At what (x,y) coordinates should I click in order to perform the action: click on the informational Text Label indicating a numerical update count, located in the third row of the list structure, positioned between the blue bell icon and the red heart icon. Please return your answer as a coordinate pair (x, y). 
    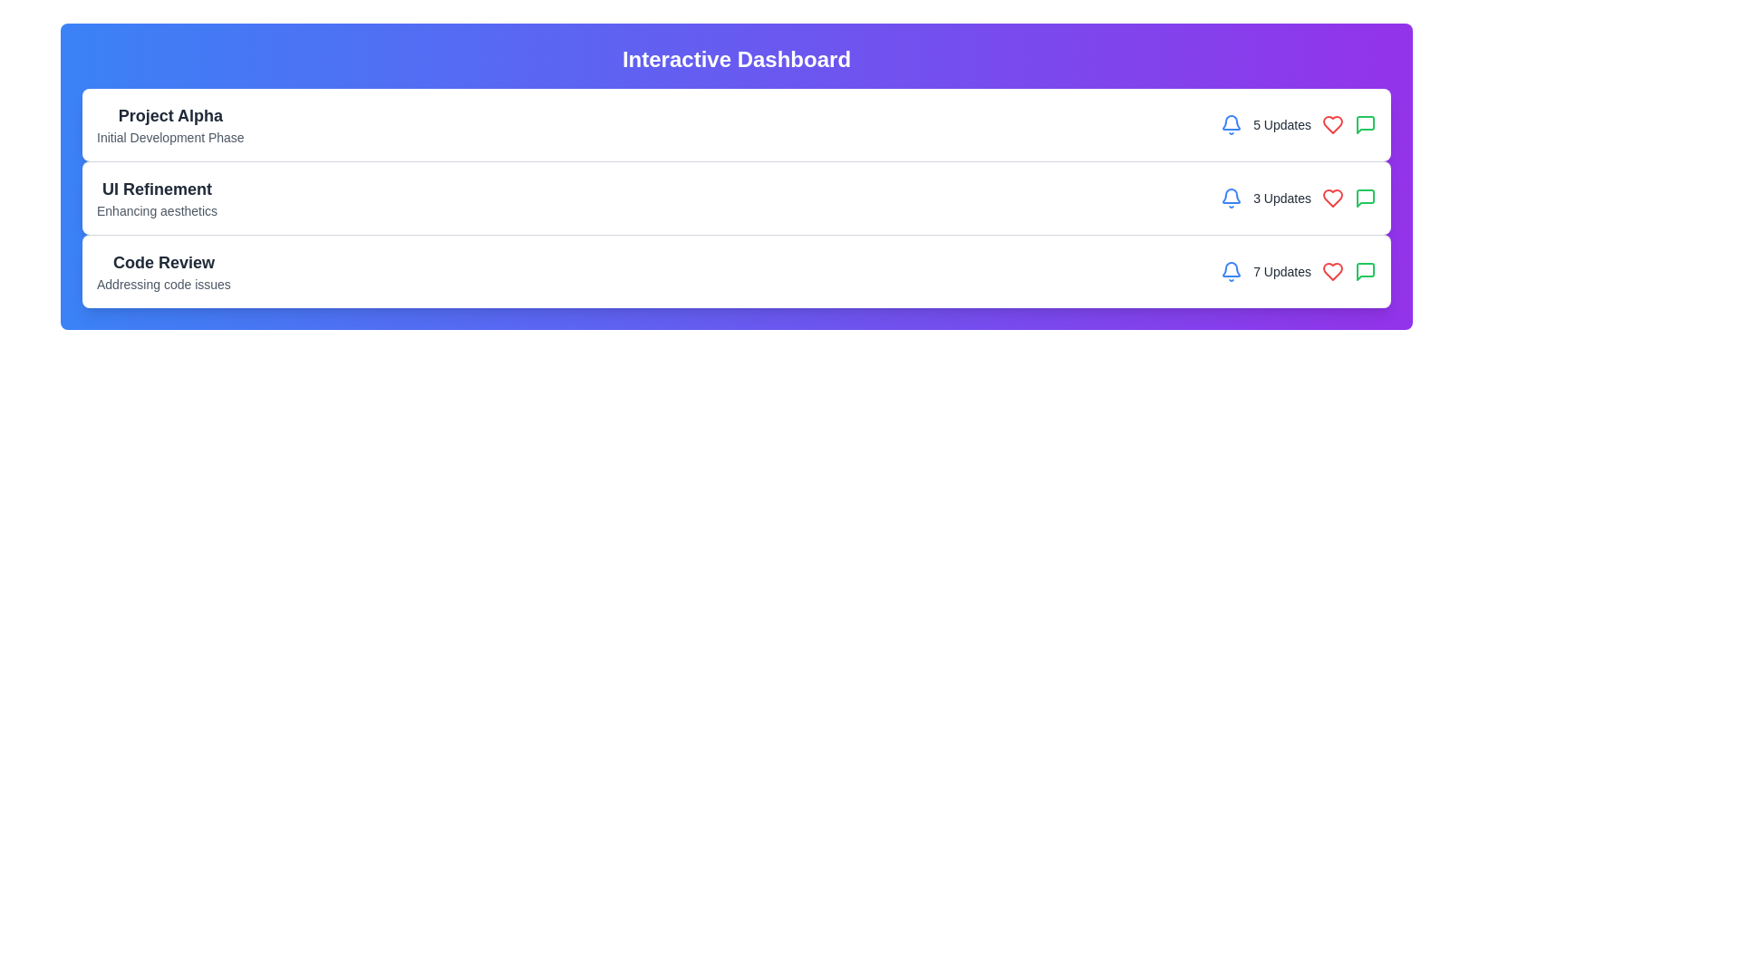
    Looking at the image, I should click on (1281, 272).